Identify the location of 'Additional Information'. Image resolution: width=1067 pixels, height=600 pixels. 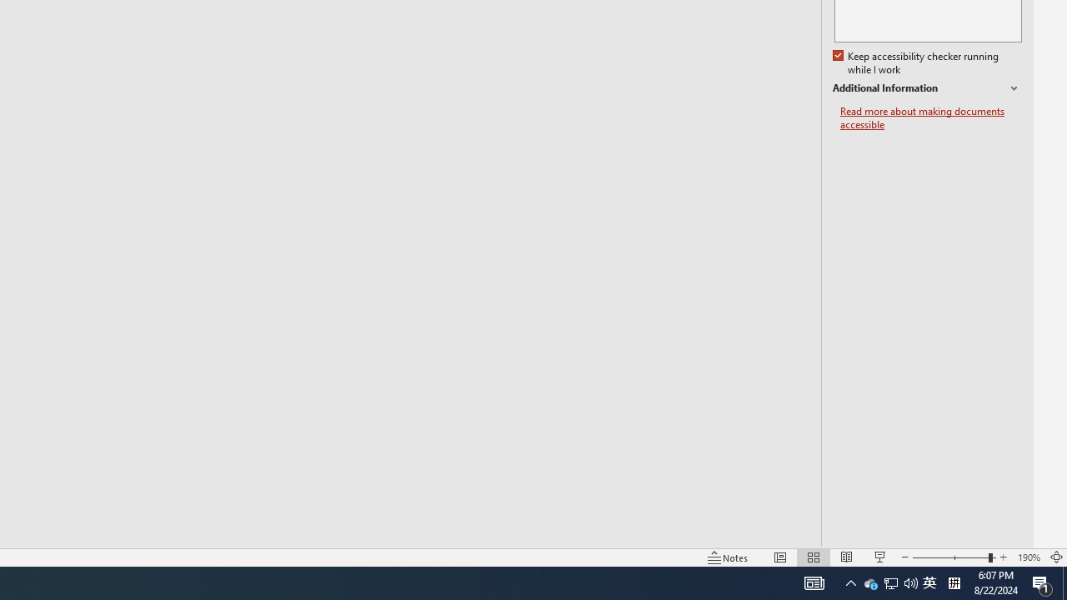
(926, 88).